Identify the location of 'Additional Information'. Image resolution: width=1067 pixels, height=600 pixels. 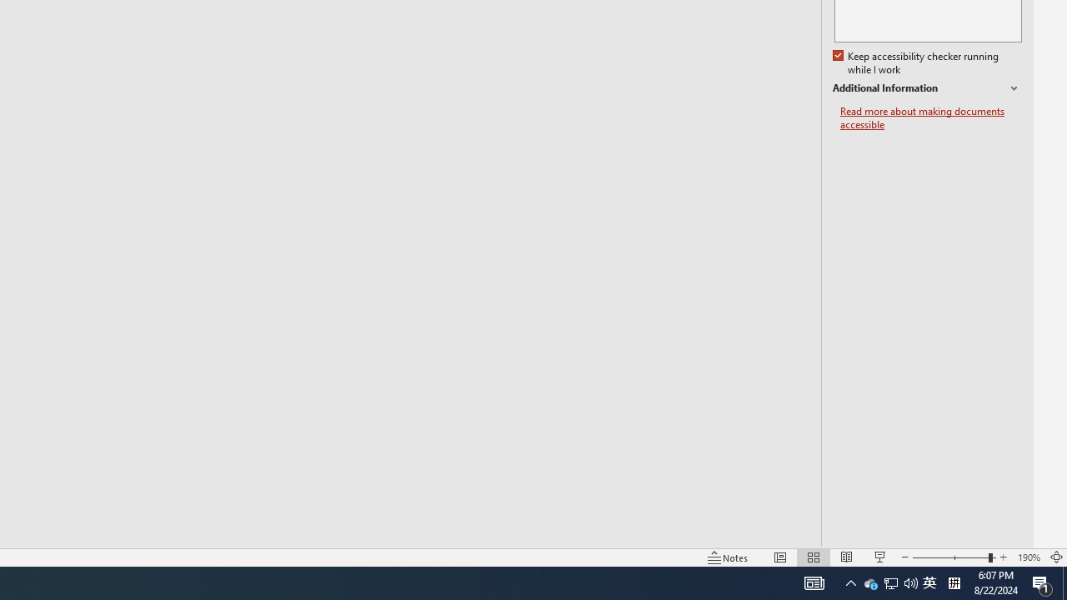
(926, 88).